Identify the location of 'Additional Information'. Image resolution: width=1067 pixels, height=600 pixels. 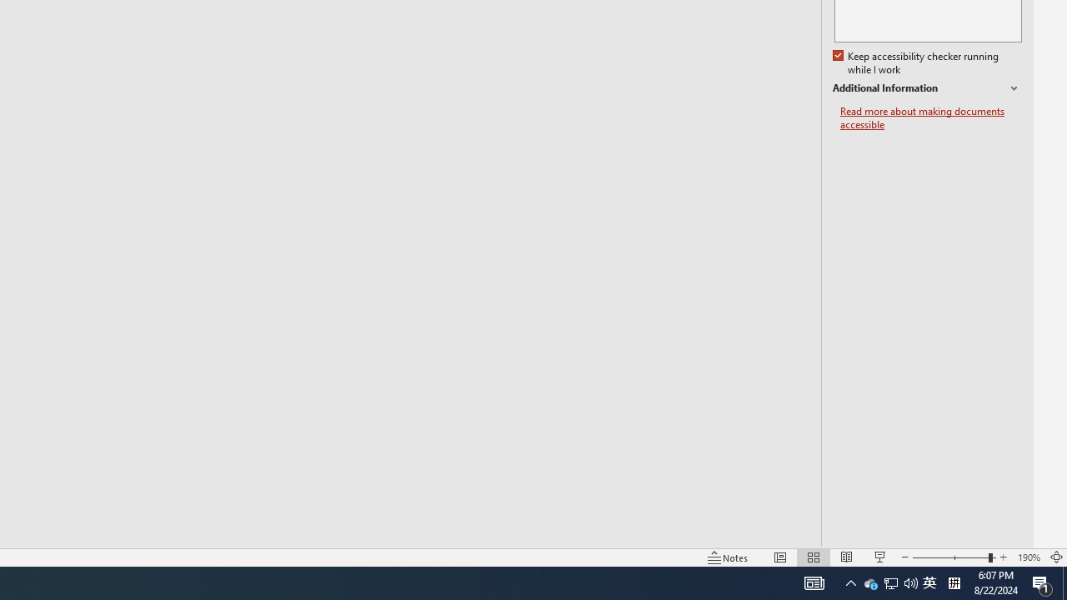
(926, 88).